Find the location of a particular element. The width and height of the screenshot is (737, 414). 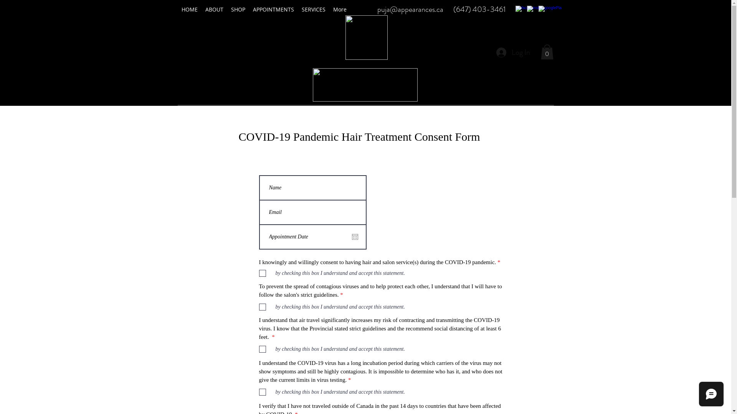

'APPOINTMENTS' is located at coordinates (273, 9).